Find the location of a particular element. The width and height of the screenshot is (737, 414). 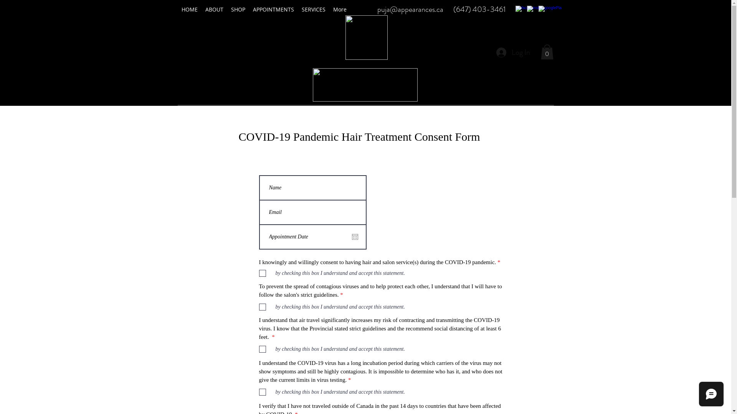

'APPOINTMENTS' is located at coordinates (273, 9).